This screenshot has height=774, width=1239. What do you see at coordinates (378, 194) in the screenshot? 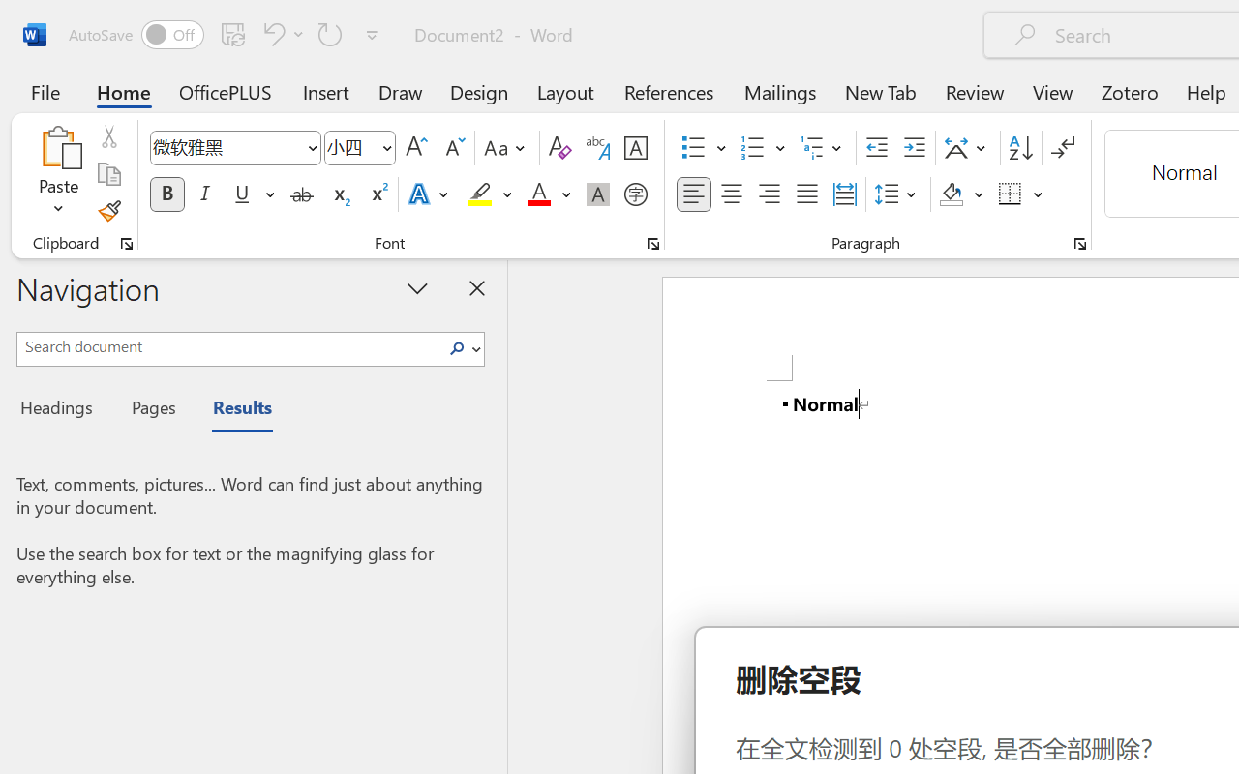
I see `'Superscript'` at bounding box center [378, 194].